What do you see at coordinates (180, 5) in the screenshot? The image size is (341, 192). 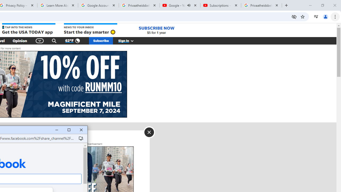 I see `'Google - YouTube - Audio playing'` at bounding box center [180, 5].